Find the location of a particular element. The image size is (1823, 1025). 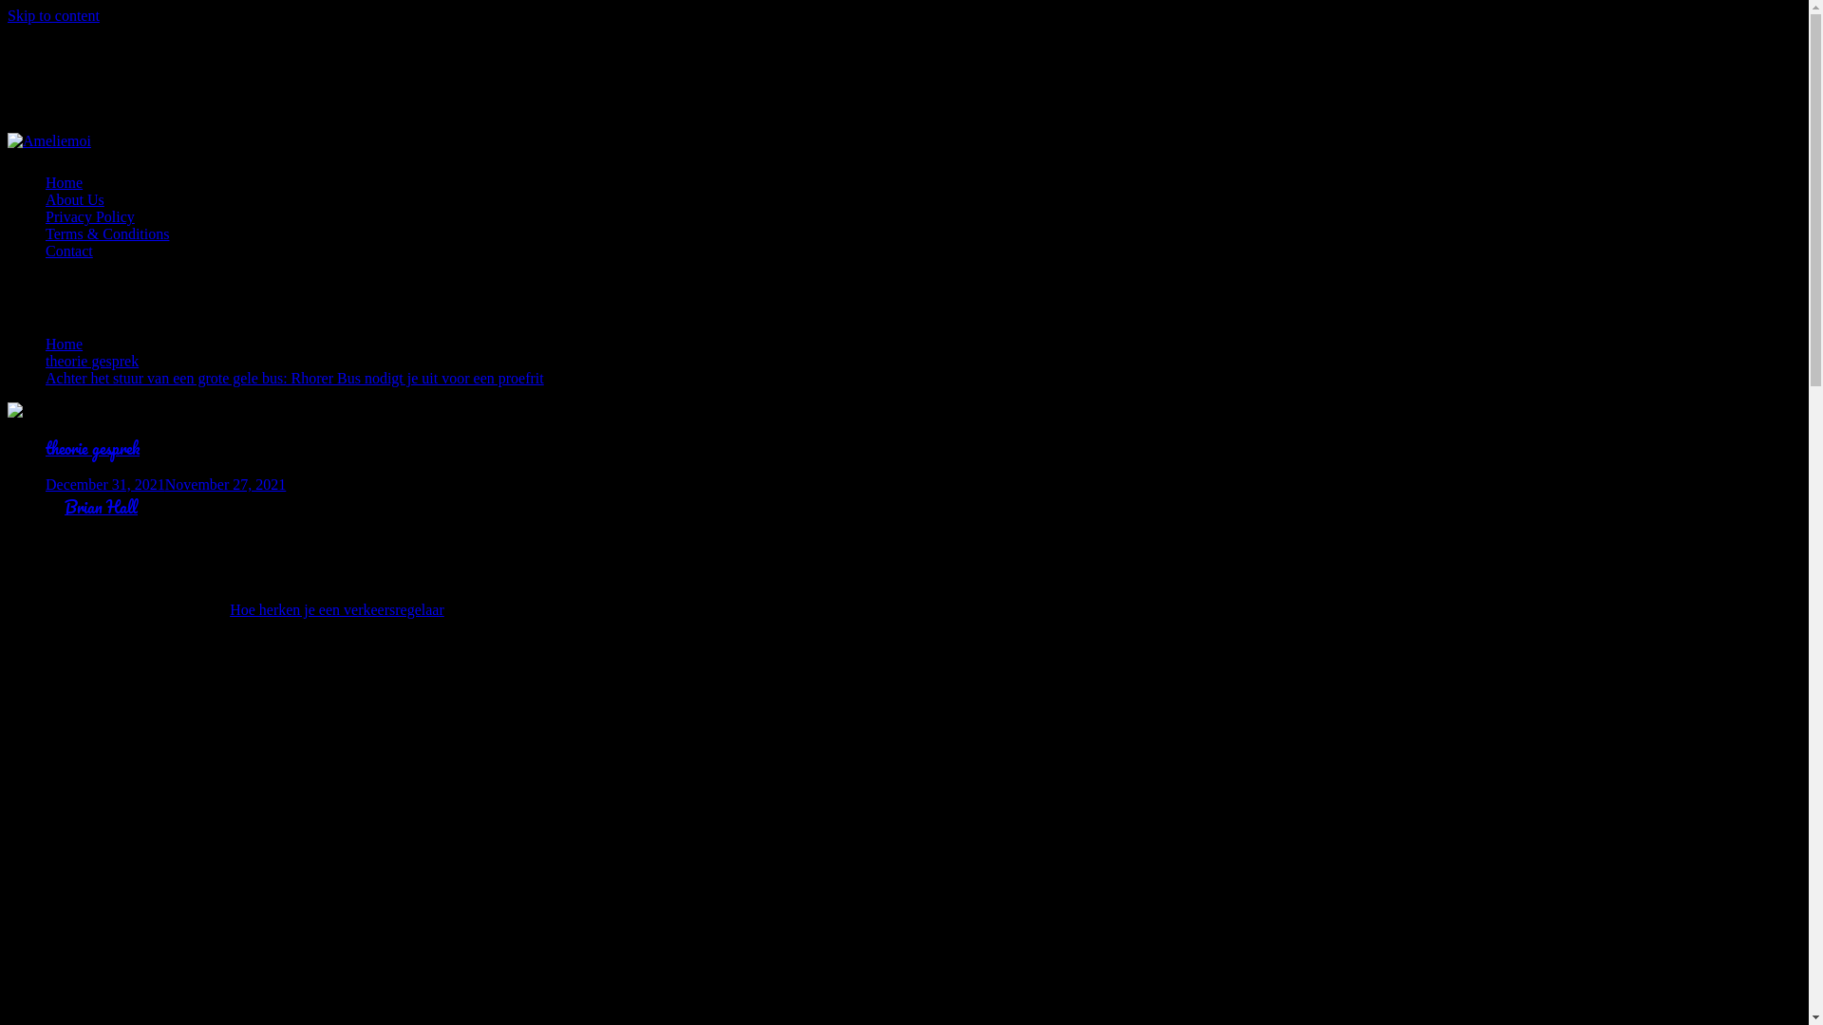

'Brian Hall' is located at coordinates (100, 505).